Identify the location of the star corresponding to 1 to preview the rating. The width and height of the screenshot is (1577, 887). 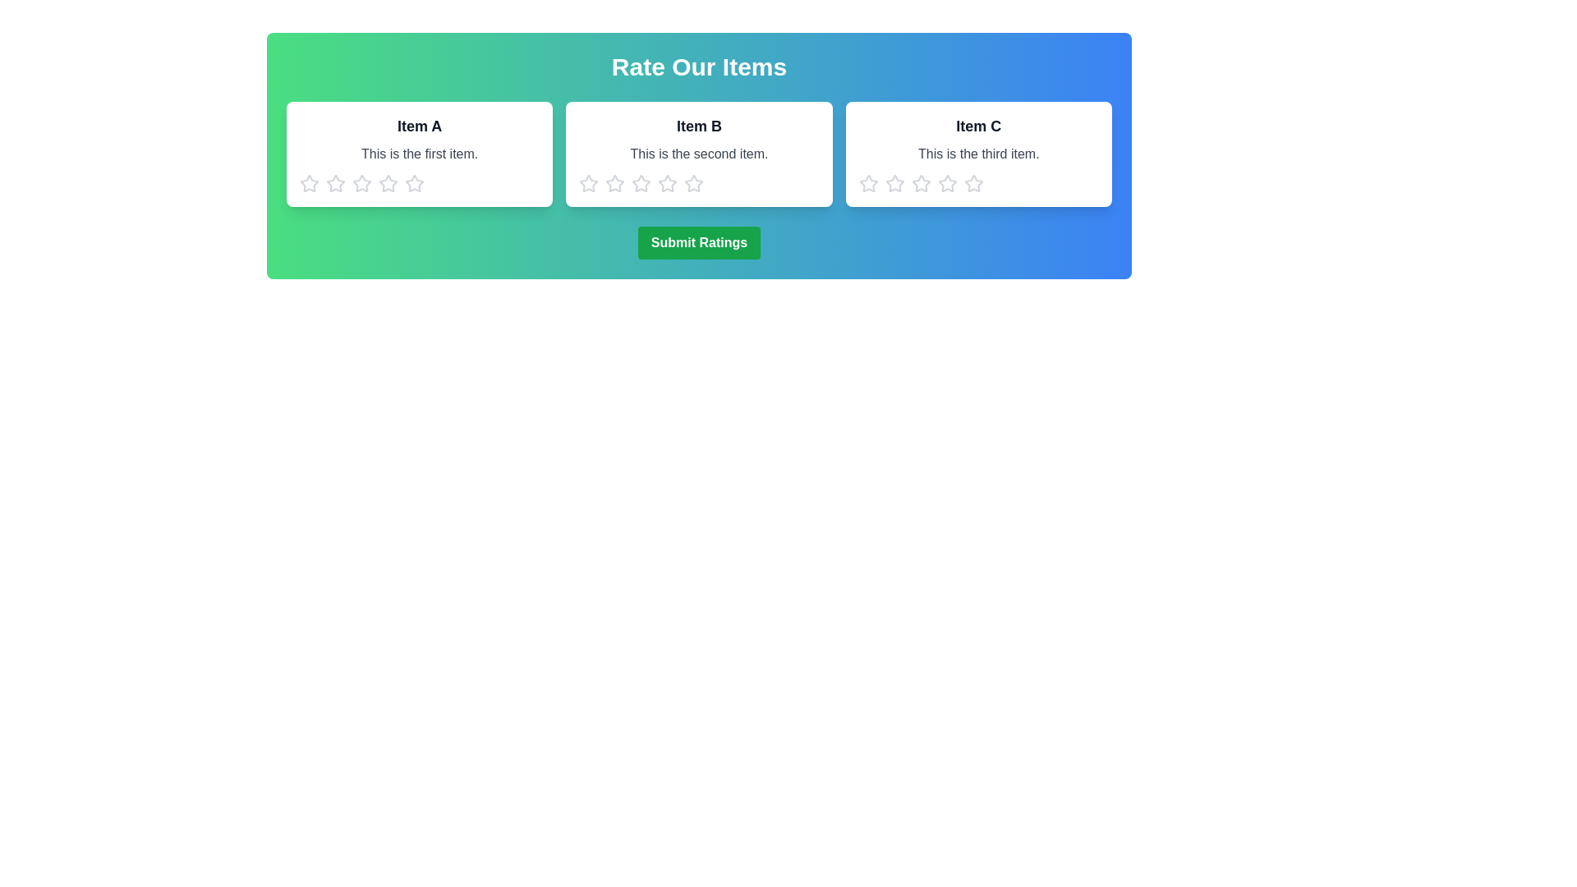
(310, 183).